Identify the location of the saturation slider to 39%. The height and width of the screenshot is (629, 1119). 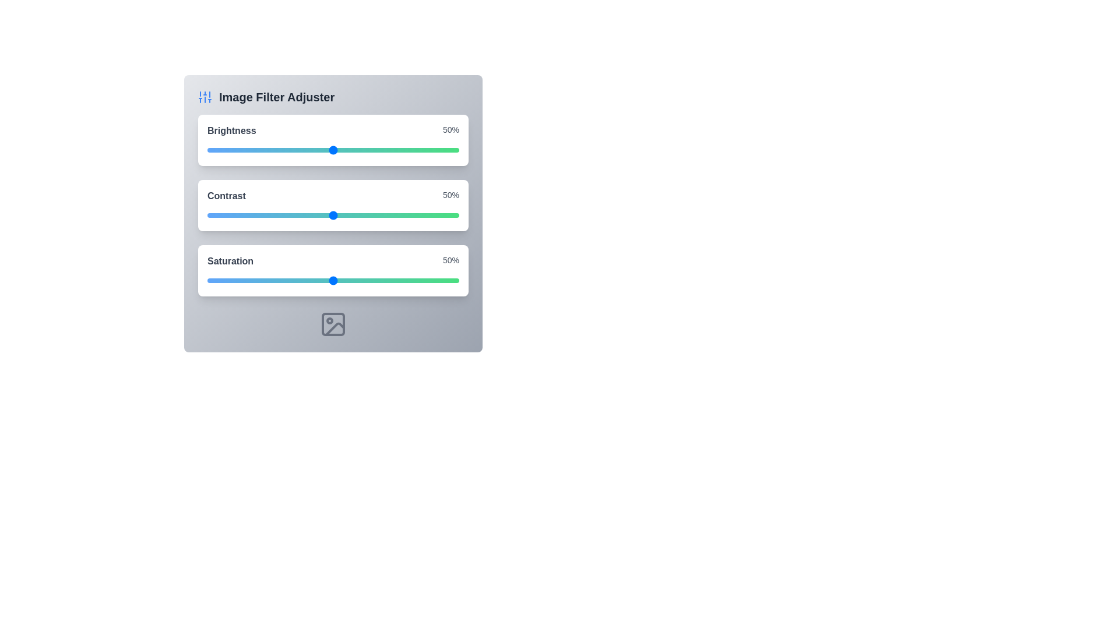
(305, 281).